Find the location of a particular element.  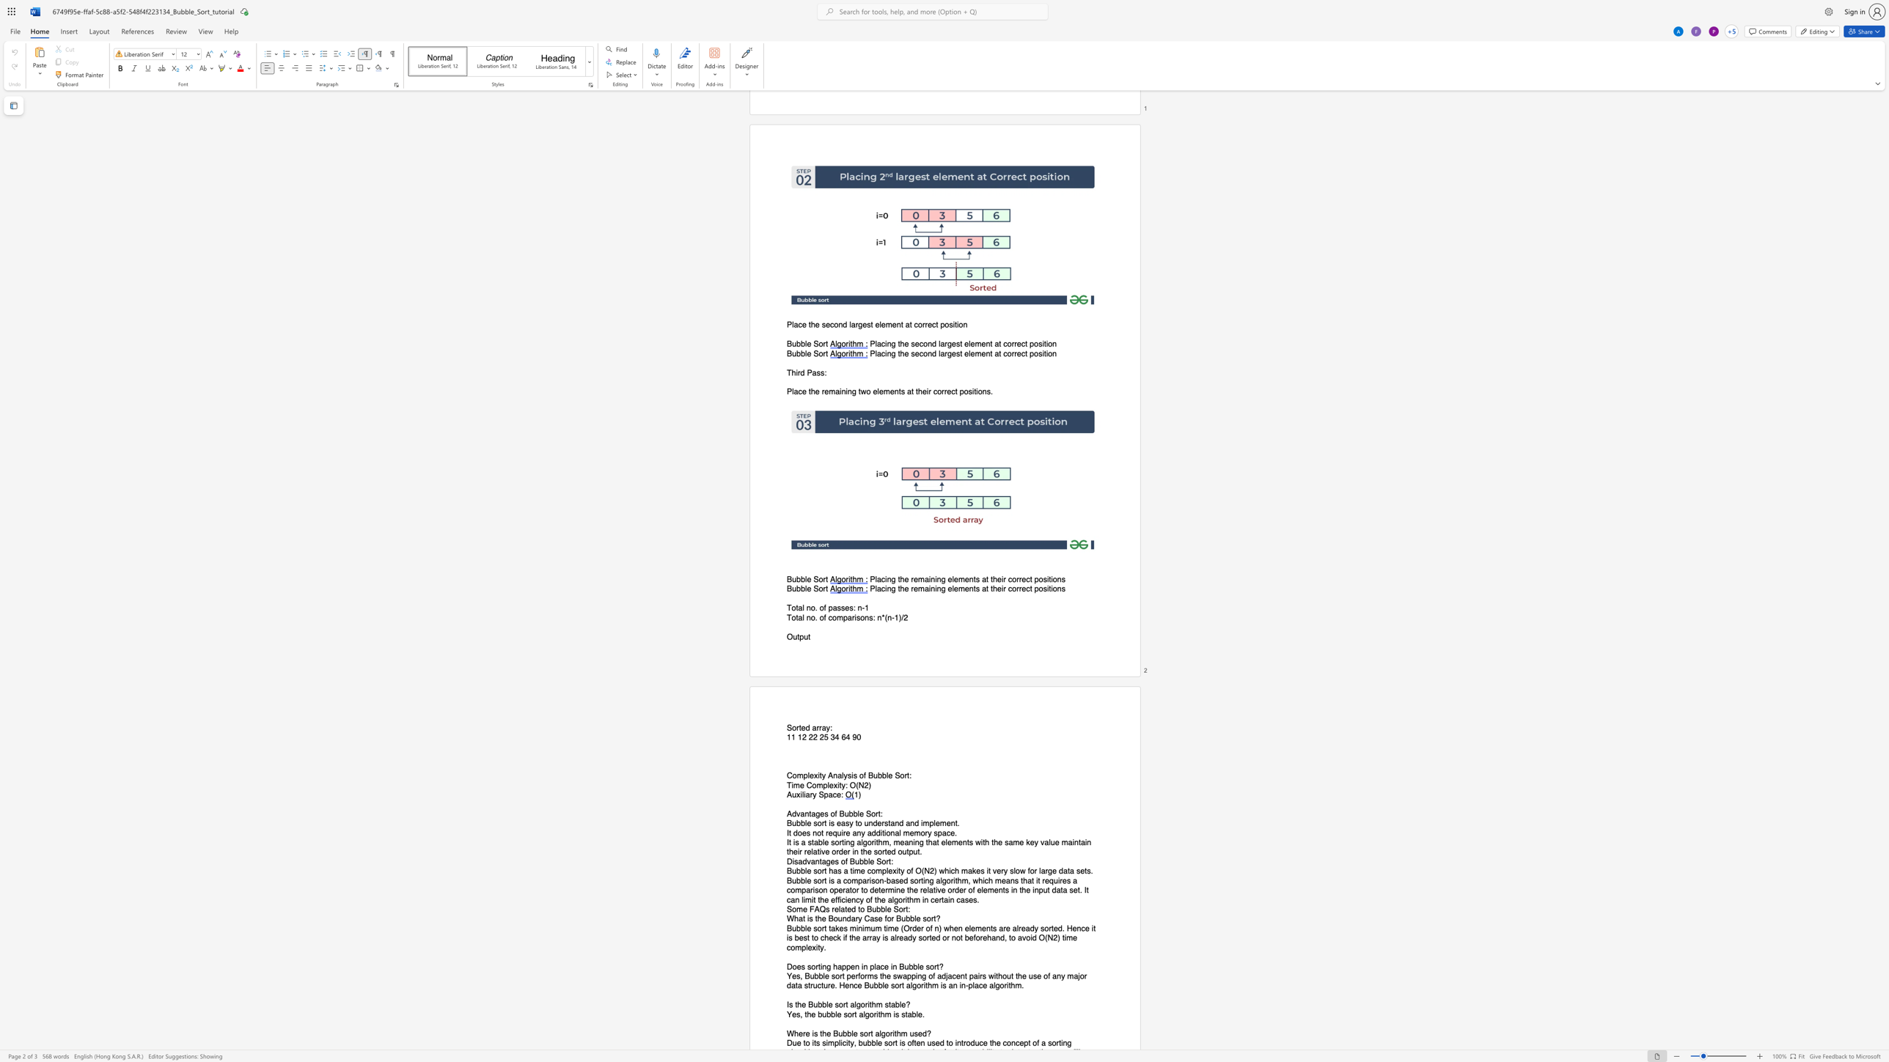

the 1th character "T" in the text is located at coordinates (789, 608).